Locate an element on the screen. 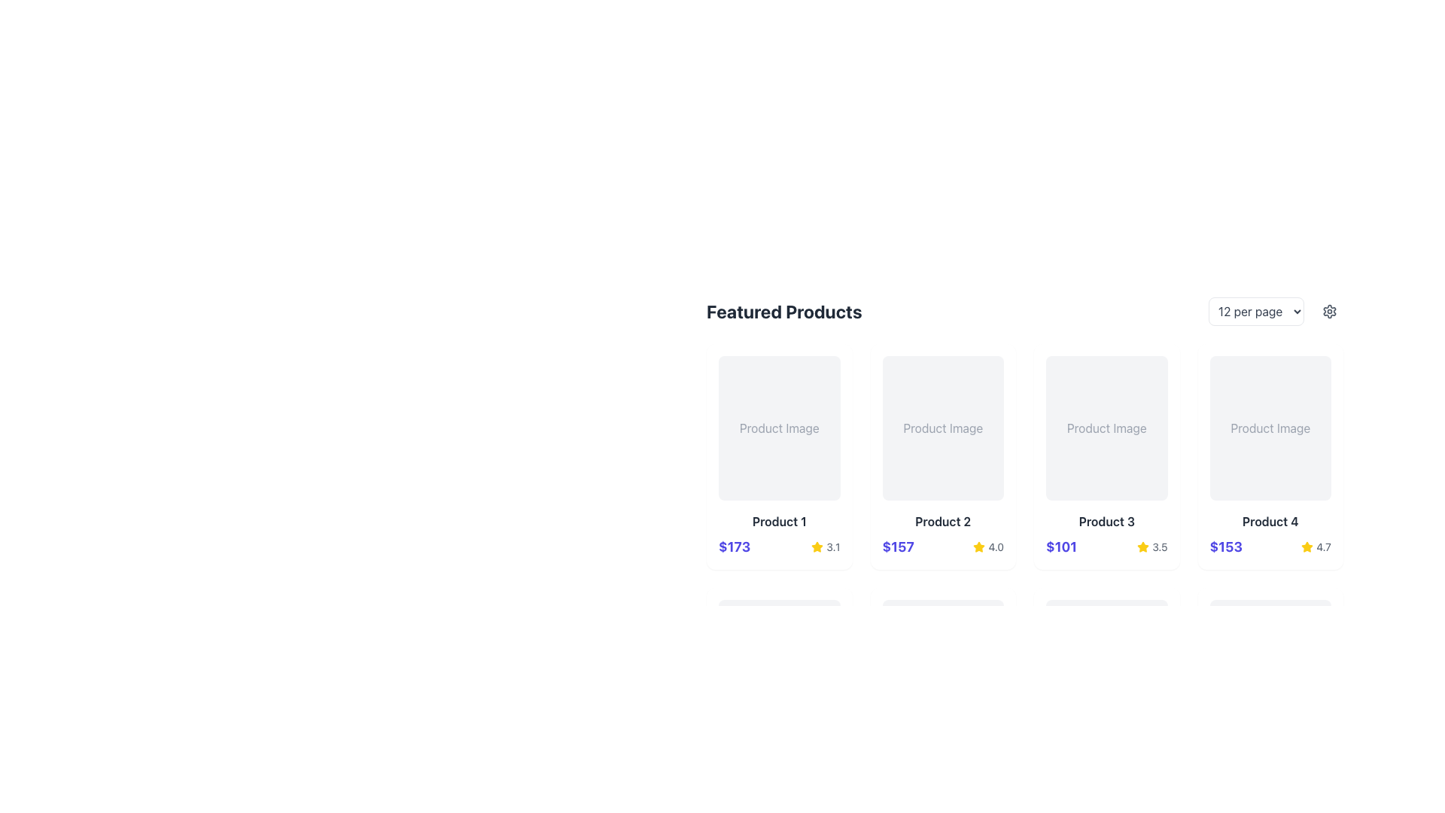 The width and height of the screenshot is (1445, 813). the text label displaying '3.1', which is located next to a yellow star icon, as part of the rating system for 'Product 1' is located at coordinates (832, 547).